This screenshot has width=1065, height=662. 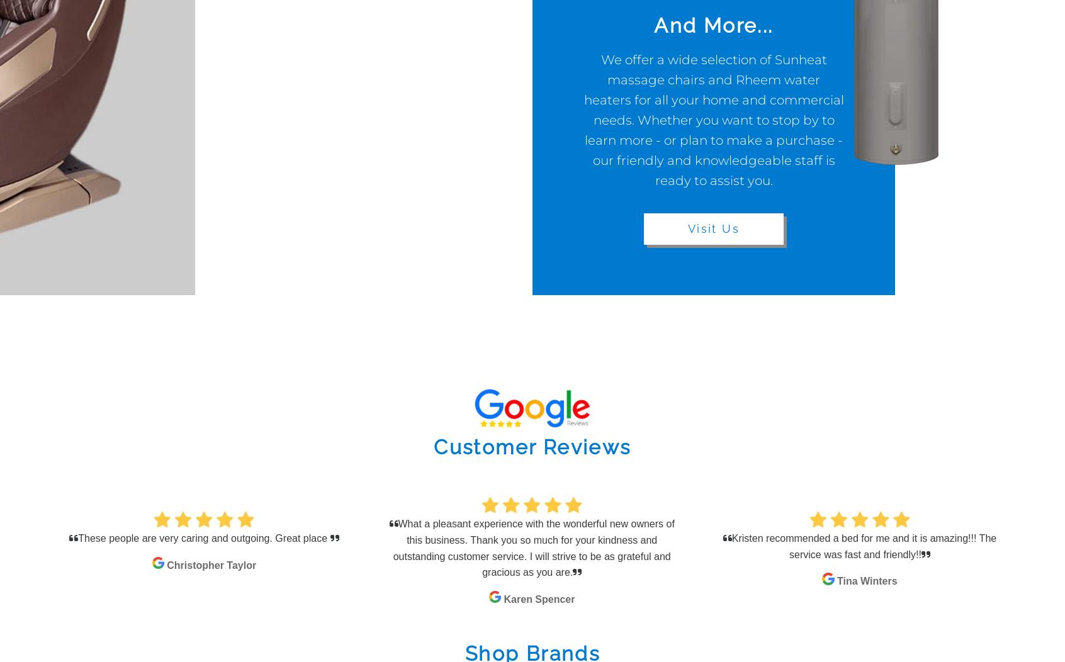 I want to click on 'We offer a wide selection of Sunheat massage chairs and Rheem water heaters for all your home and commercial needs. Whether you want to stop by to learn more - or plan to make a purchase - our friendly and knowledgeable staff is ready to assist you.', so click(x=713, y=119).